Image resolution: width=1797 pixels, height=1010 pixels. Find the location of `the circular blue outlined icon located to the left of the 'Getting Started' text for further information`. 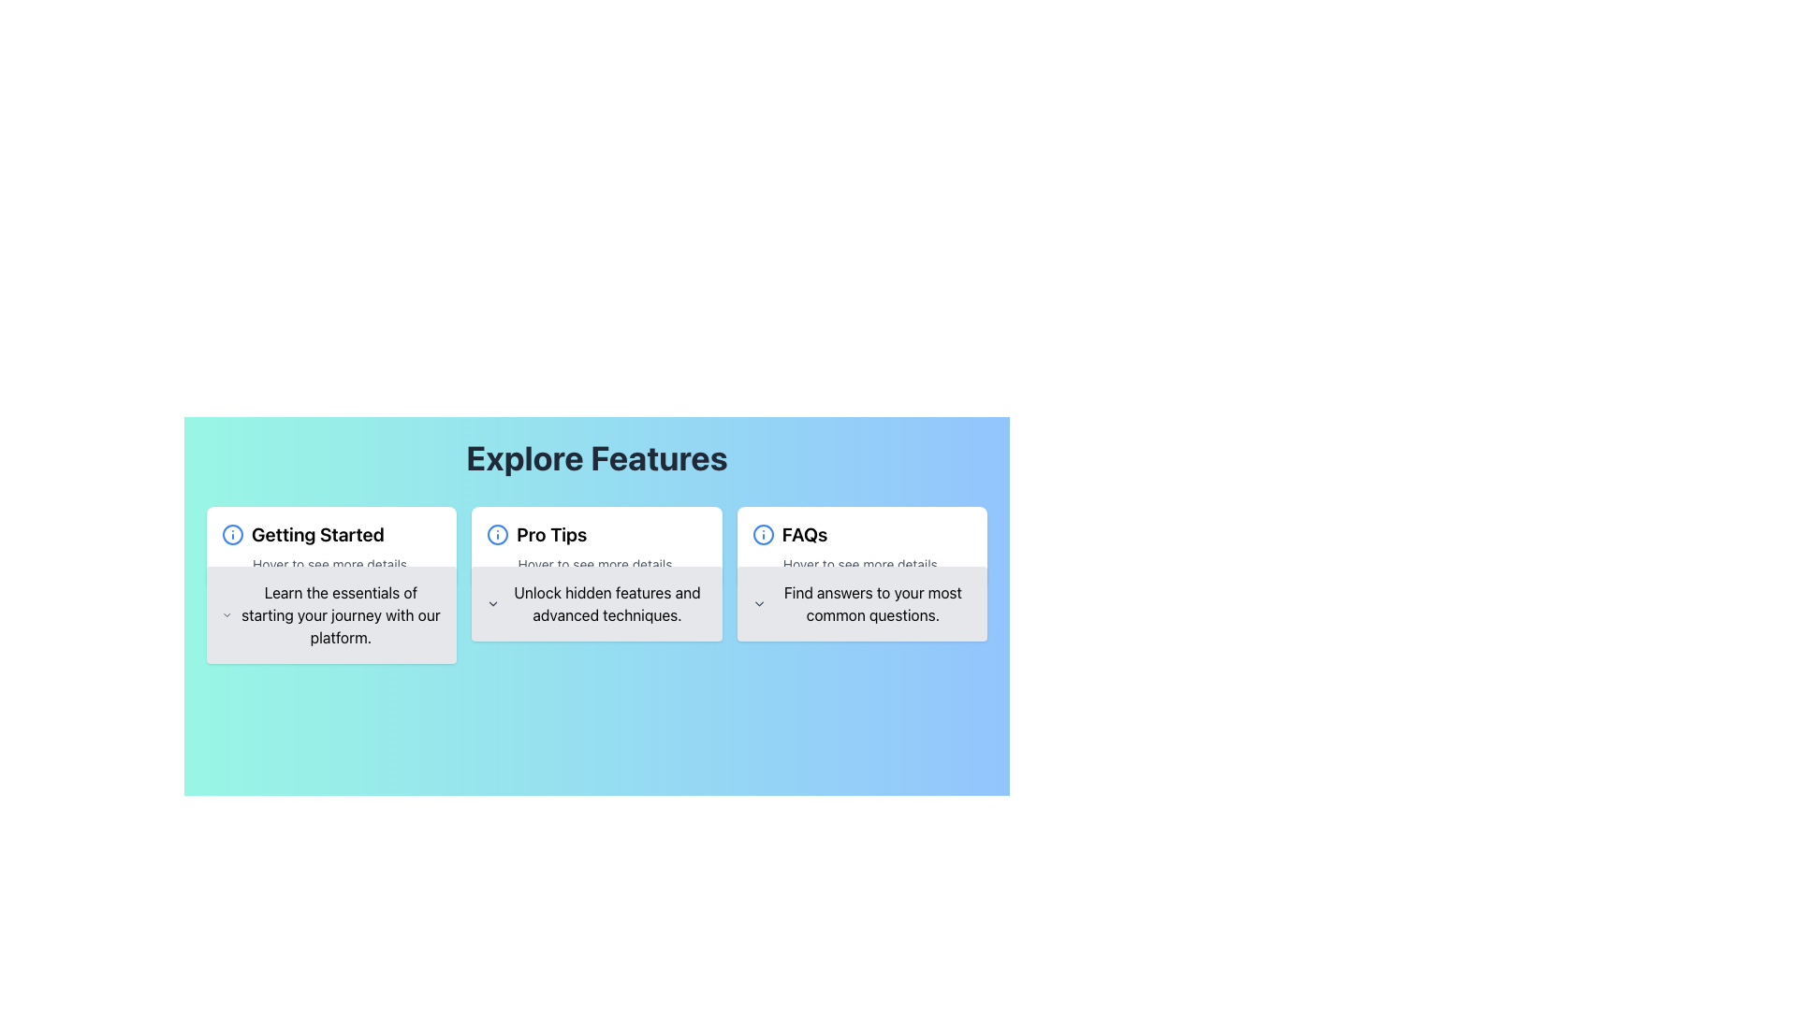

the circular blue outlined icon located to the left of the 'Getting Started' text for further information is located at coordinates (232, 534).